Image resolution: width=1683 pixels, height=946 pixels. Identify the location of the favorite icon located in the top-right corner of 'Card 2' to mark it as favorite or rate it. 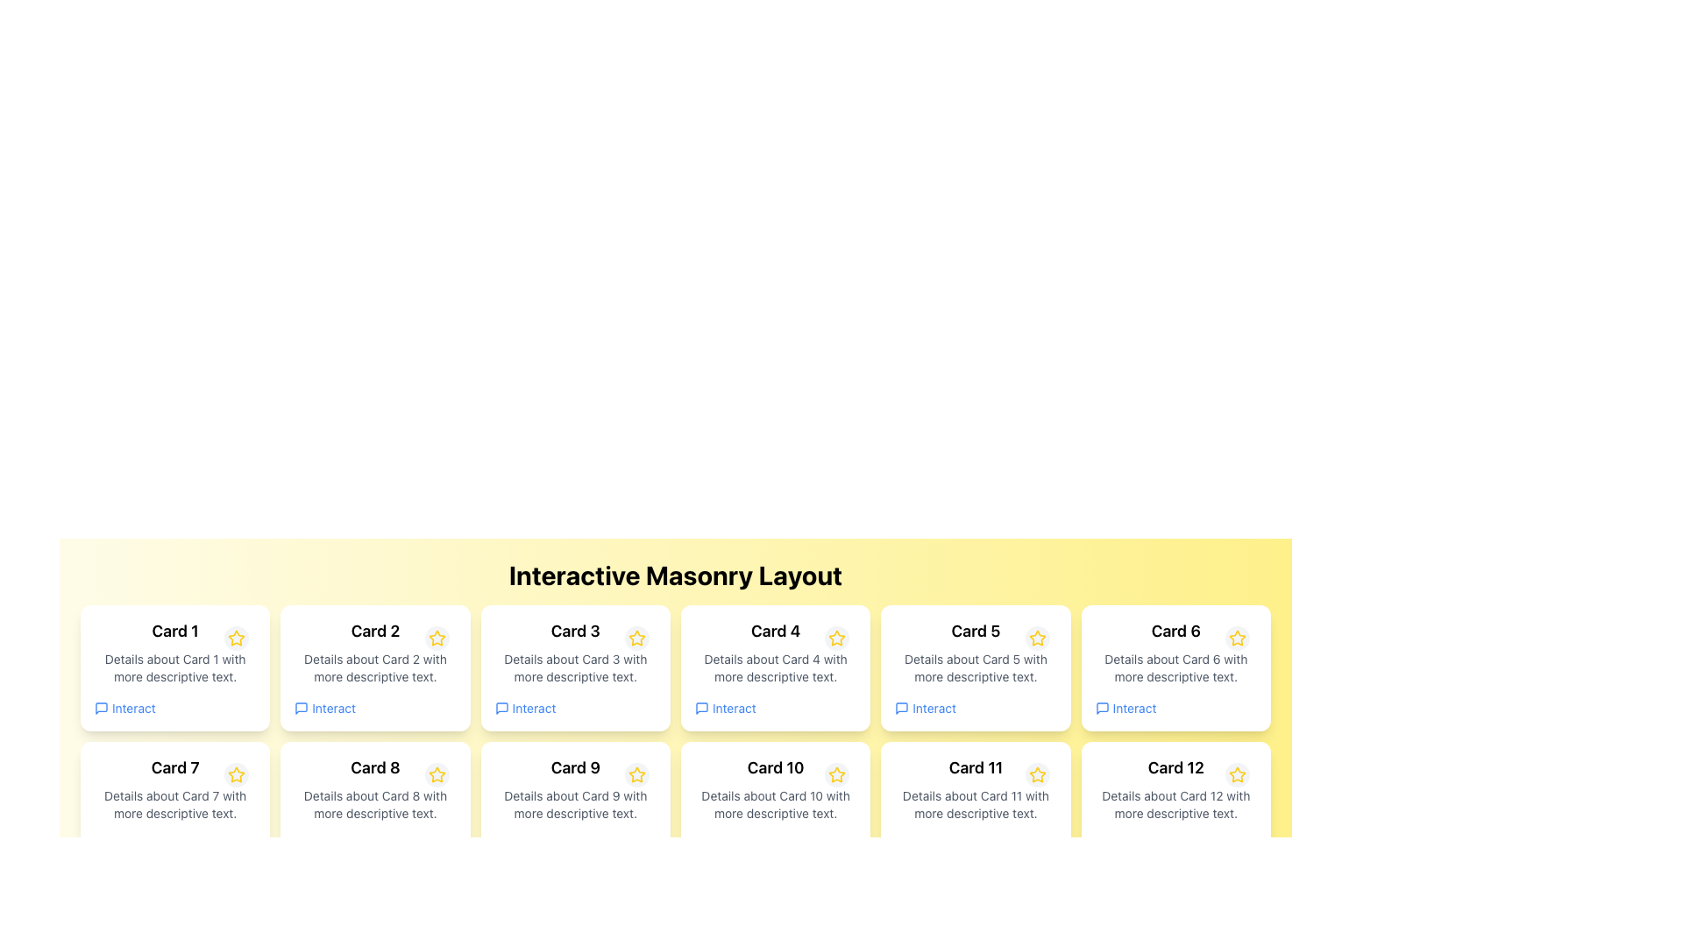
(437, 639).